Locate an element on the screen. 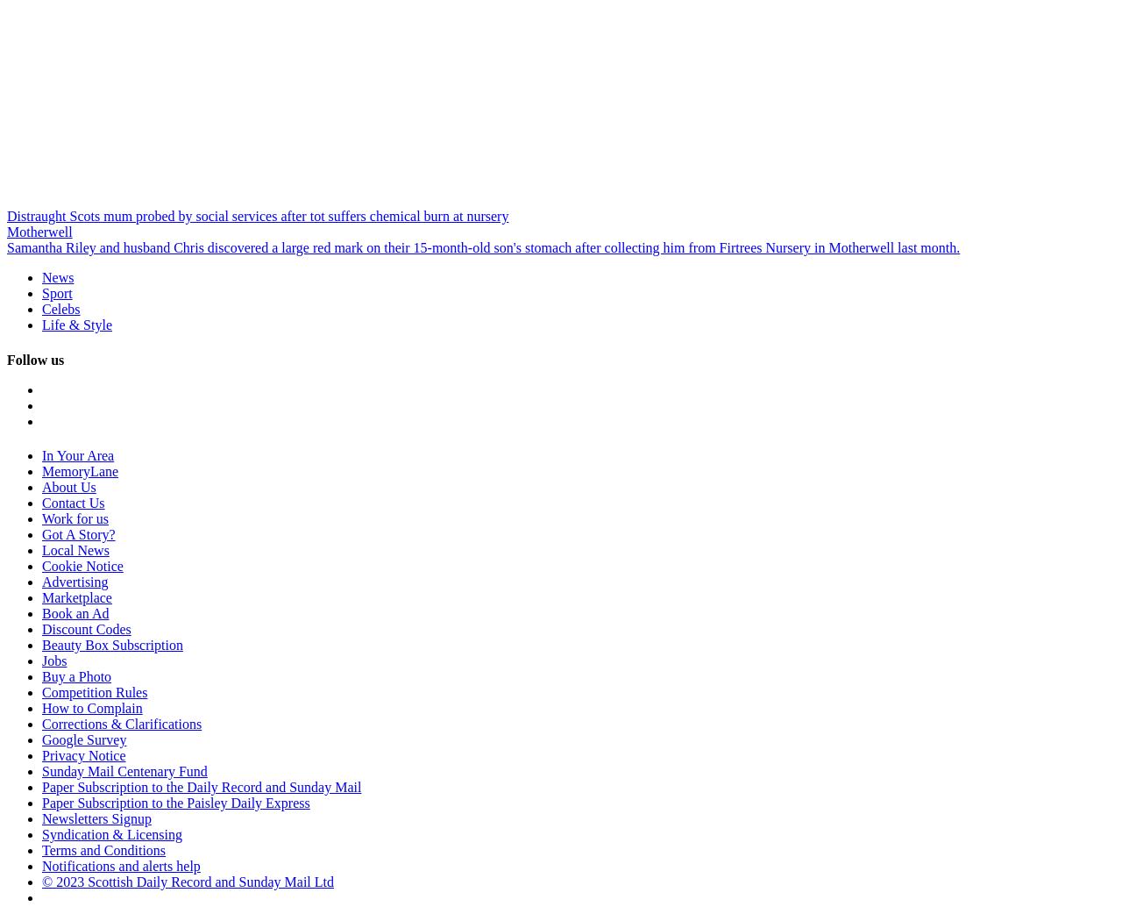 This screenshot has height=914, width=1122. 'Book an Ad' is located at coordinates (75, 611).